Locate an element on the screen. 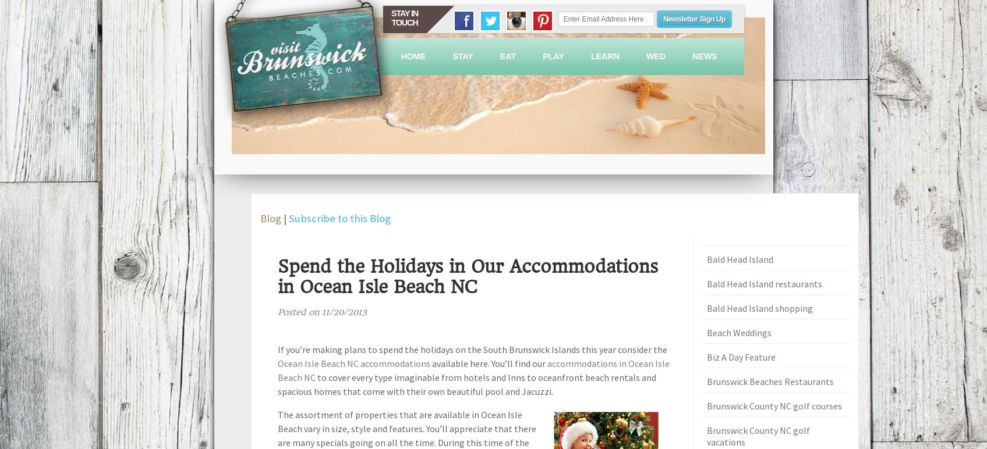  'Subscribe to this Blog' is located at coordinates (339, 218).